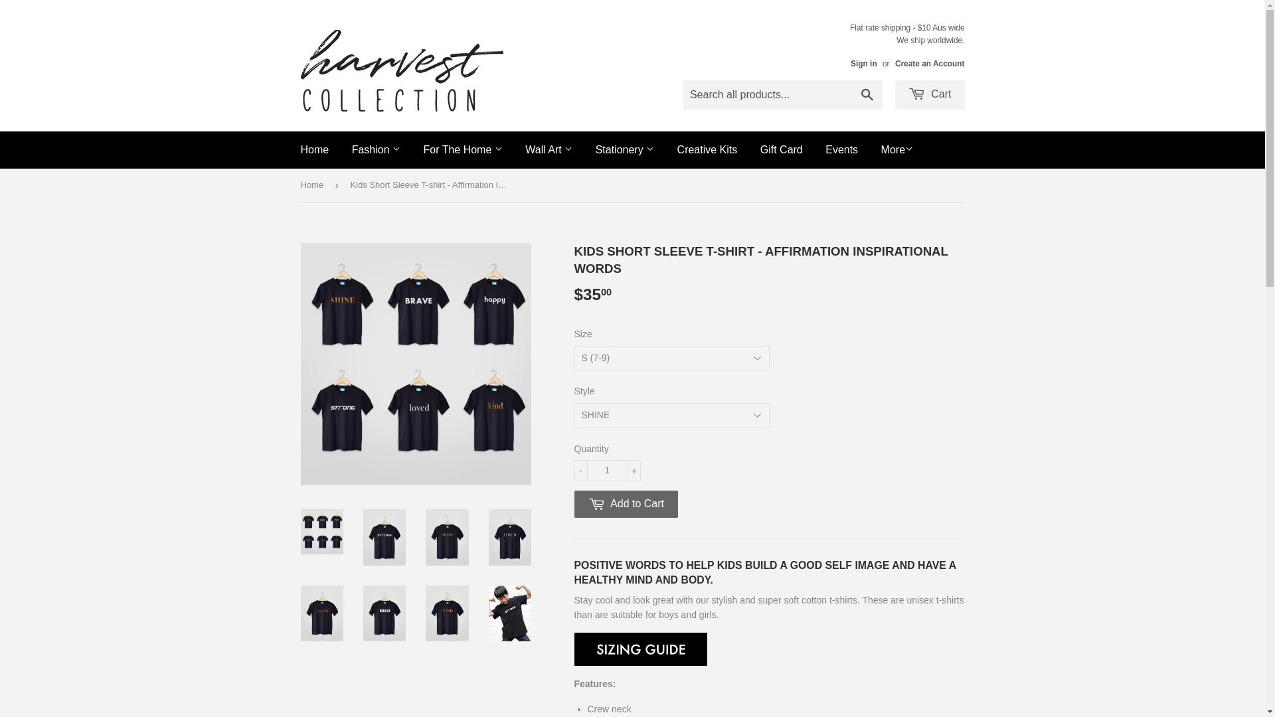 The width and height of the screenshot is (1275, 717). What do you see at coordinates (929, 94) in the screenshot?
I see `'Cart'` at bounding box center [929, 94].